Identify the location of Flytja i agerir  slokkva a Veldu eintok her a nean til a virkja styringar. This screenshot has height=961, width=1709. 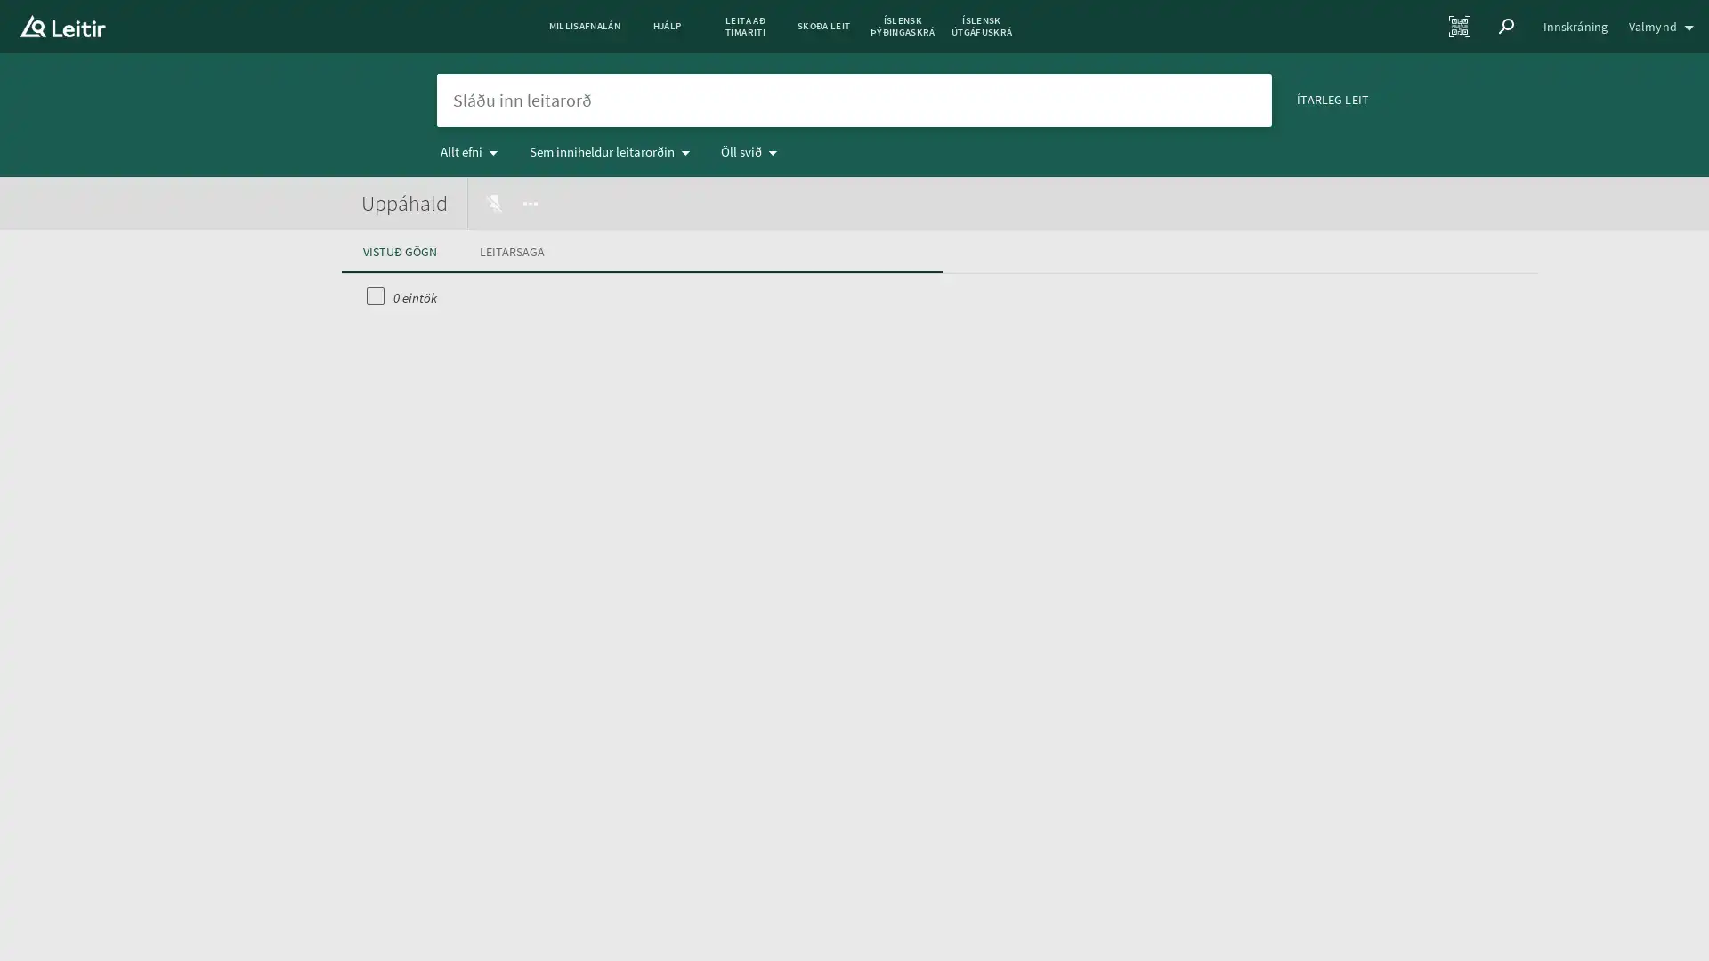
(529, 201).